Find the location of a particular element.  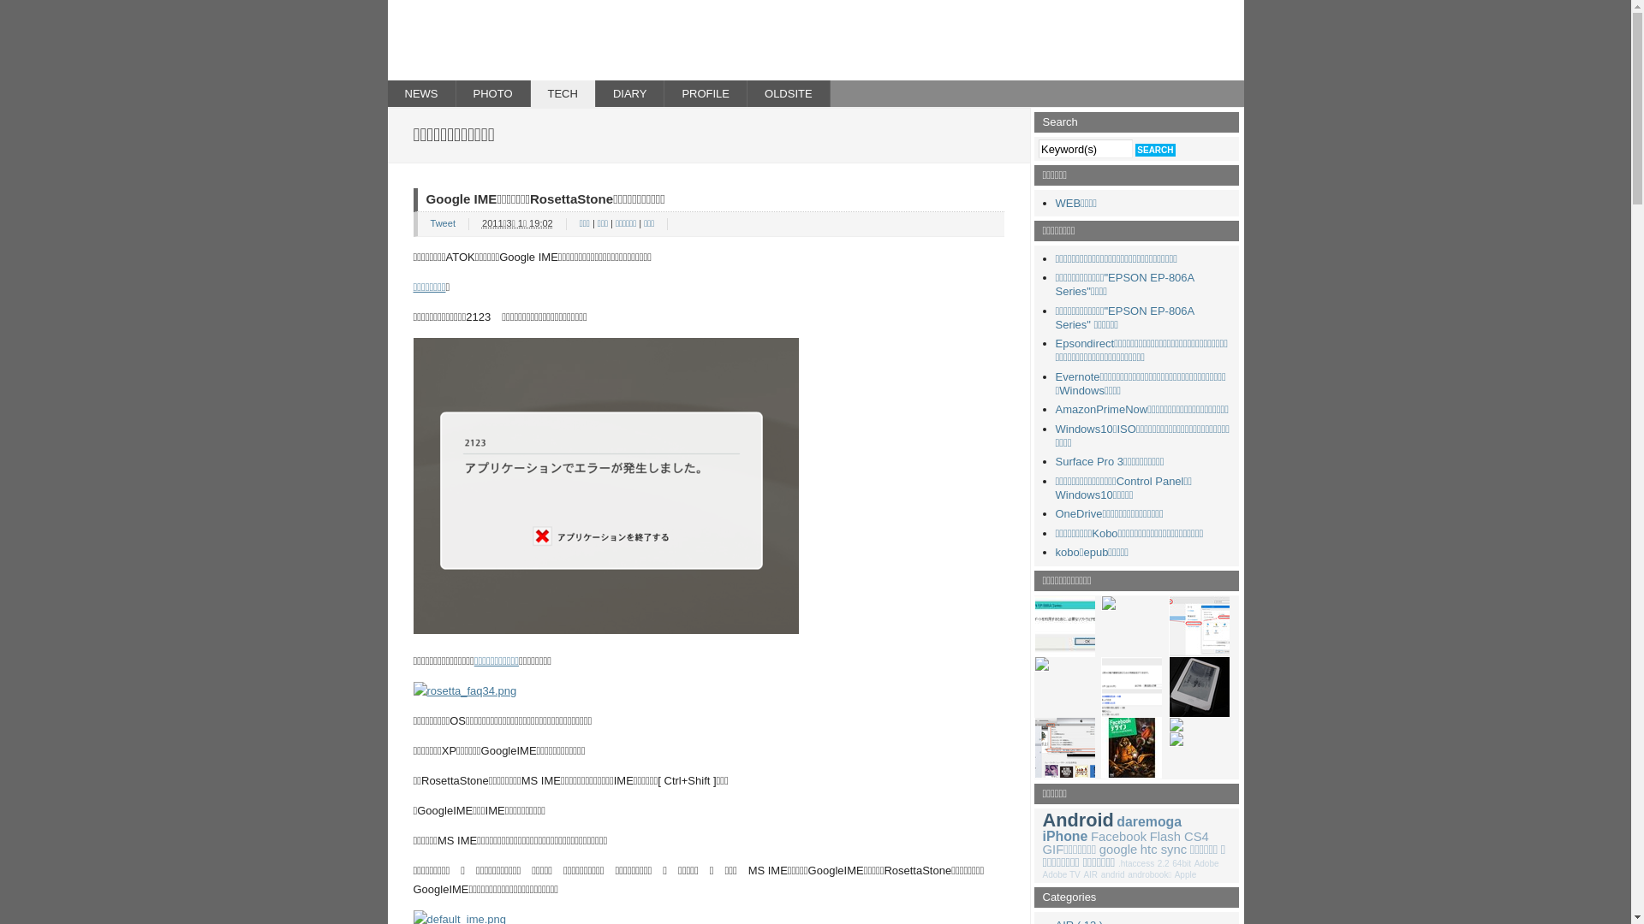

'google' is located at coordinates (1117, 849).